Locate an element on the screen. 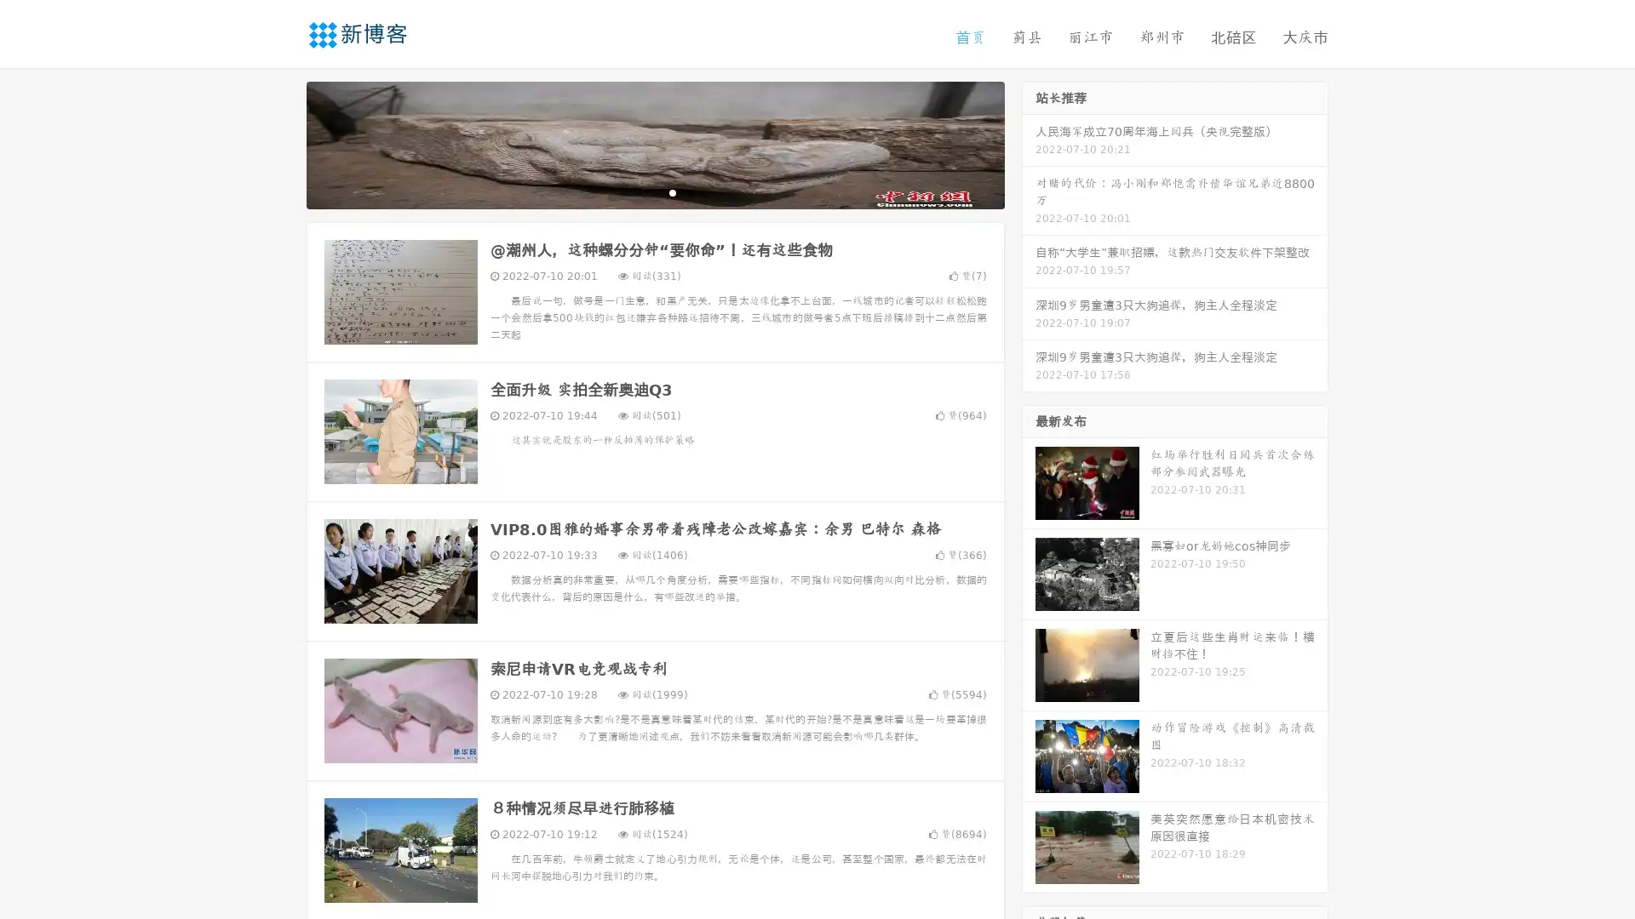 Image resolution: width=1635 pixels, height=919 pixels. Go to slide 1 is located at coordinates (637, 191).